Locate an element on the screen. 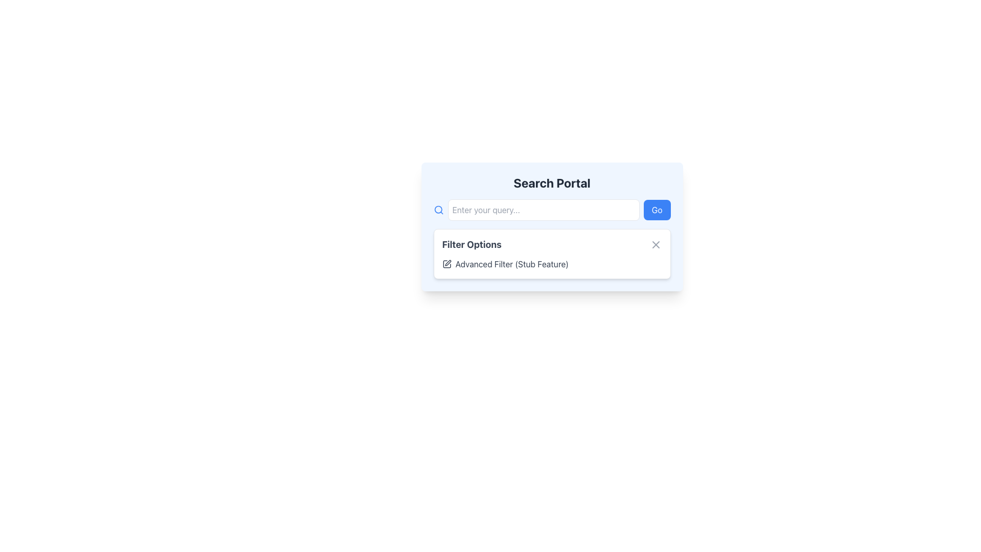 Image resolution: width=981 pixels, height=552 pixels. the label reading 'Advanced Filter (Stub Feature)' located under the 'Filter Options' section is located at coordinates (551, 263).